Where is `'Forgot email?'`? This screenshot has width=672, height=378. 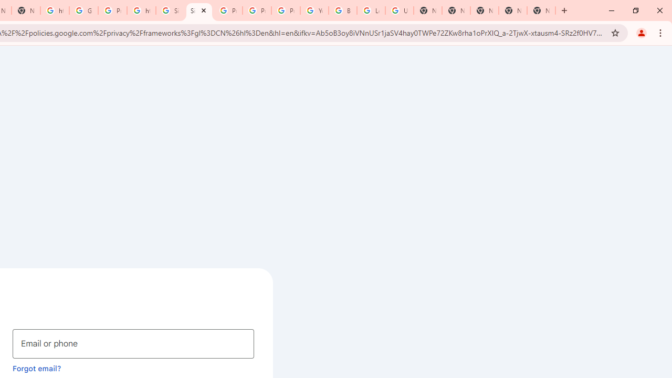 'Forgot email?' is located at coordinates (37, 367).